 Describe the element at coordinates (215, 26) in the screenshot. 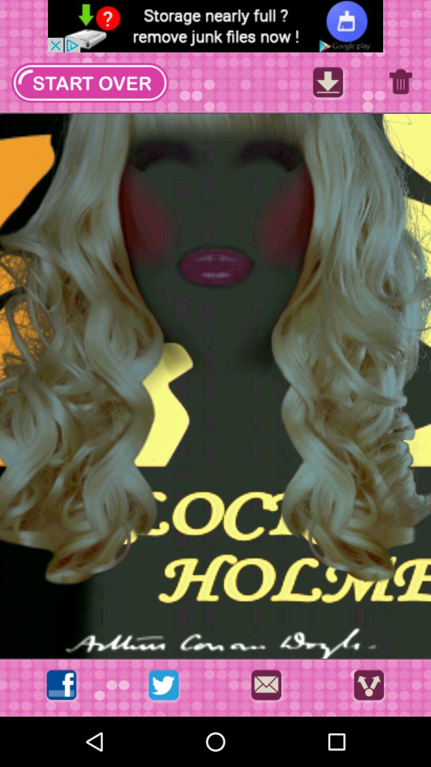

I see `open advertisement` at that location.